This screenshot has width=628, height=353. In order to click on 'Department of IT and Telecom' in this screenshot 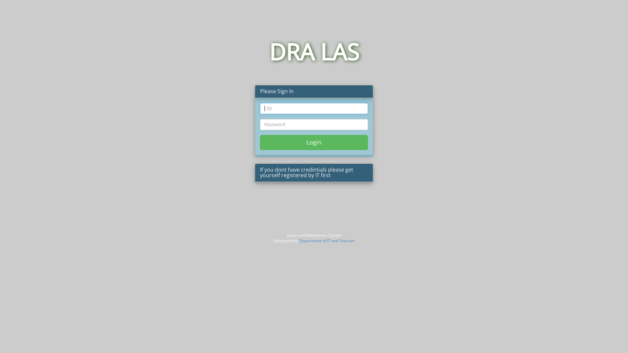, I will do `click(326, 241)`.